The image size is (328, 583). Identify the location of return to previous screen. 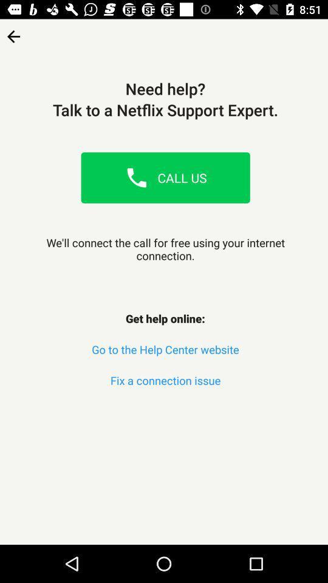
(13, 32).